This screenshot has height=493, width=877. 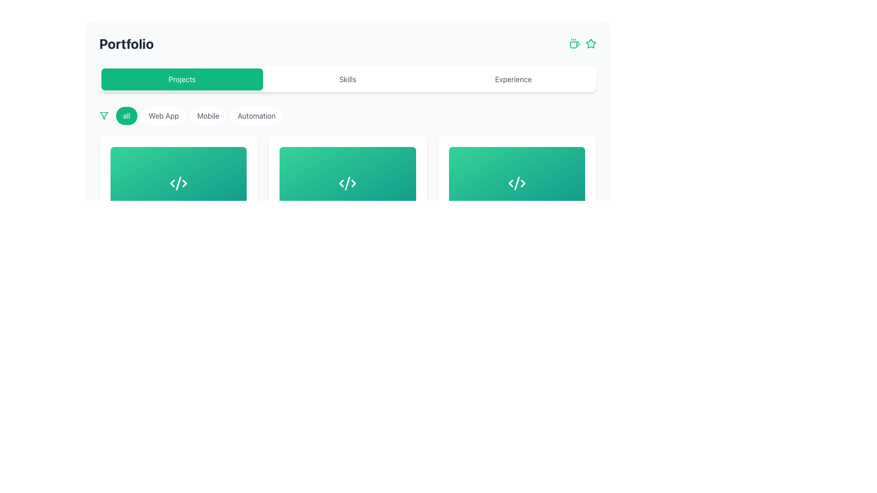 What do you see at coordinates (178, 183) in the screenshot?
I see `the icon representing a code-related project located centrally within the first card in the second row of the Portfolio section, directly below the 'all' filter button` at bounding box center [178, 183].